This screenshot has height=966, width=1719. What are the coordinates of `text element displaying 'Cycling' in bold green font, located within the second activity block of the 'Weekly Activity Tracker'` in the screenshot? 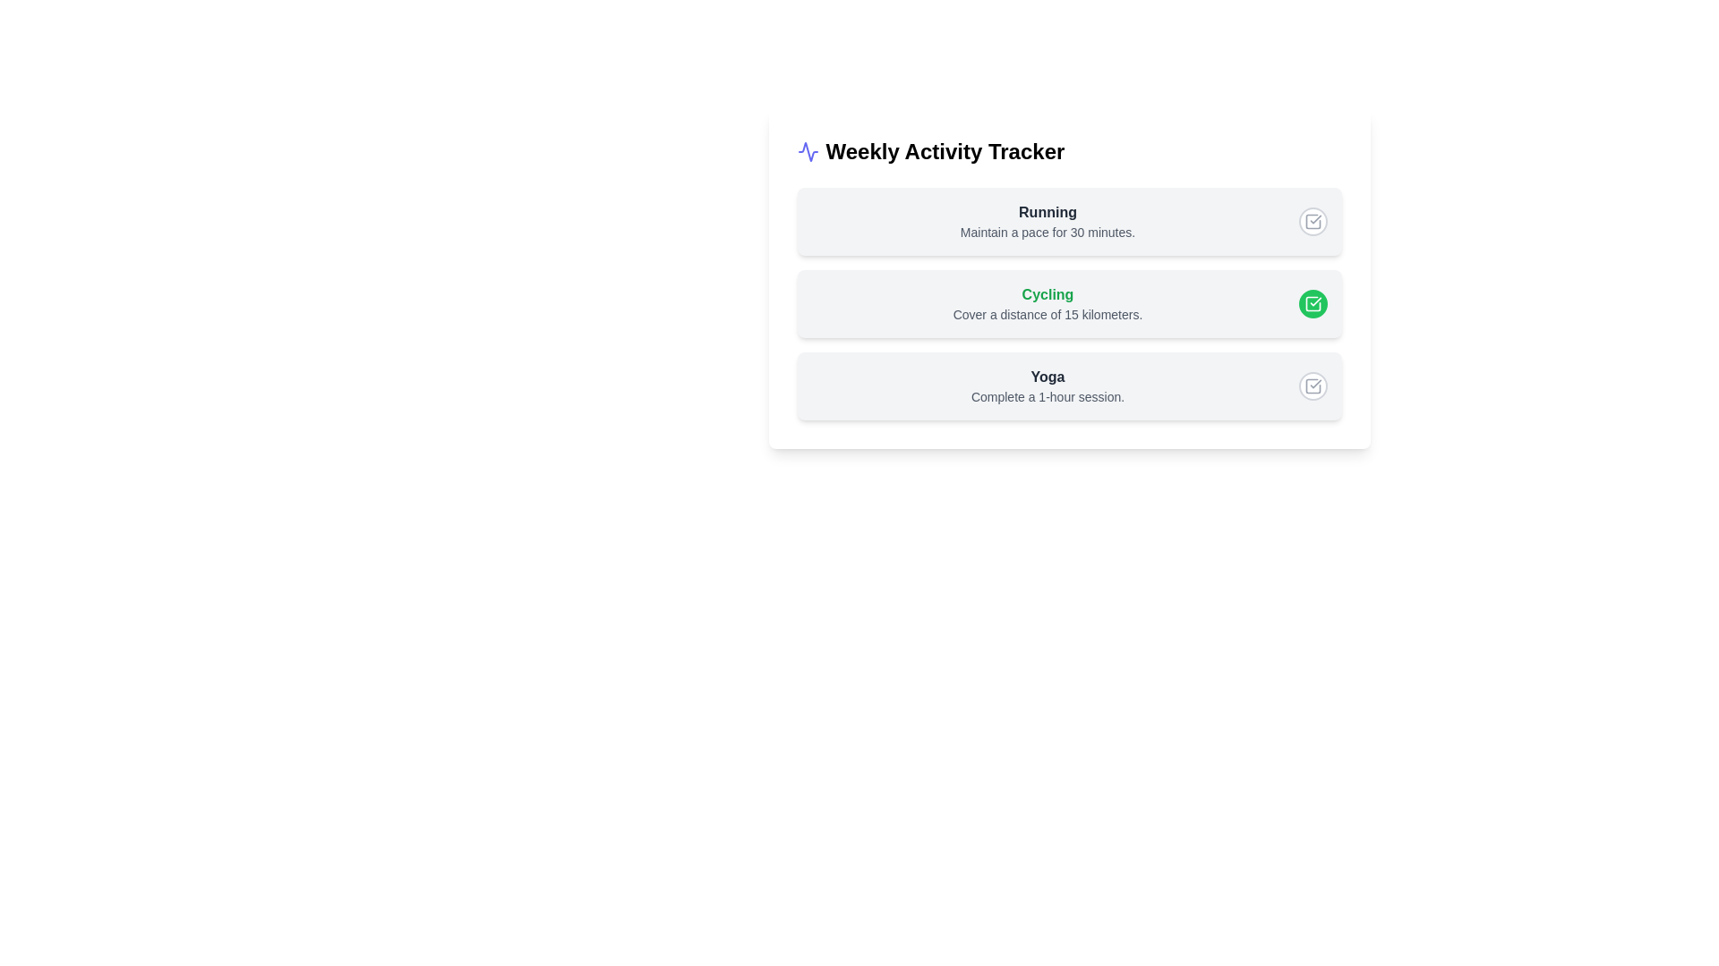 It's located at (1048, 294).